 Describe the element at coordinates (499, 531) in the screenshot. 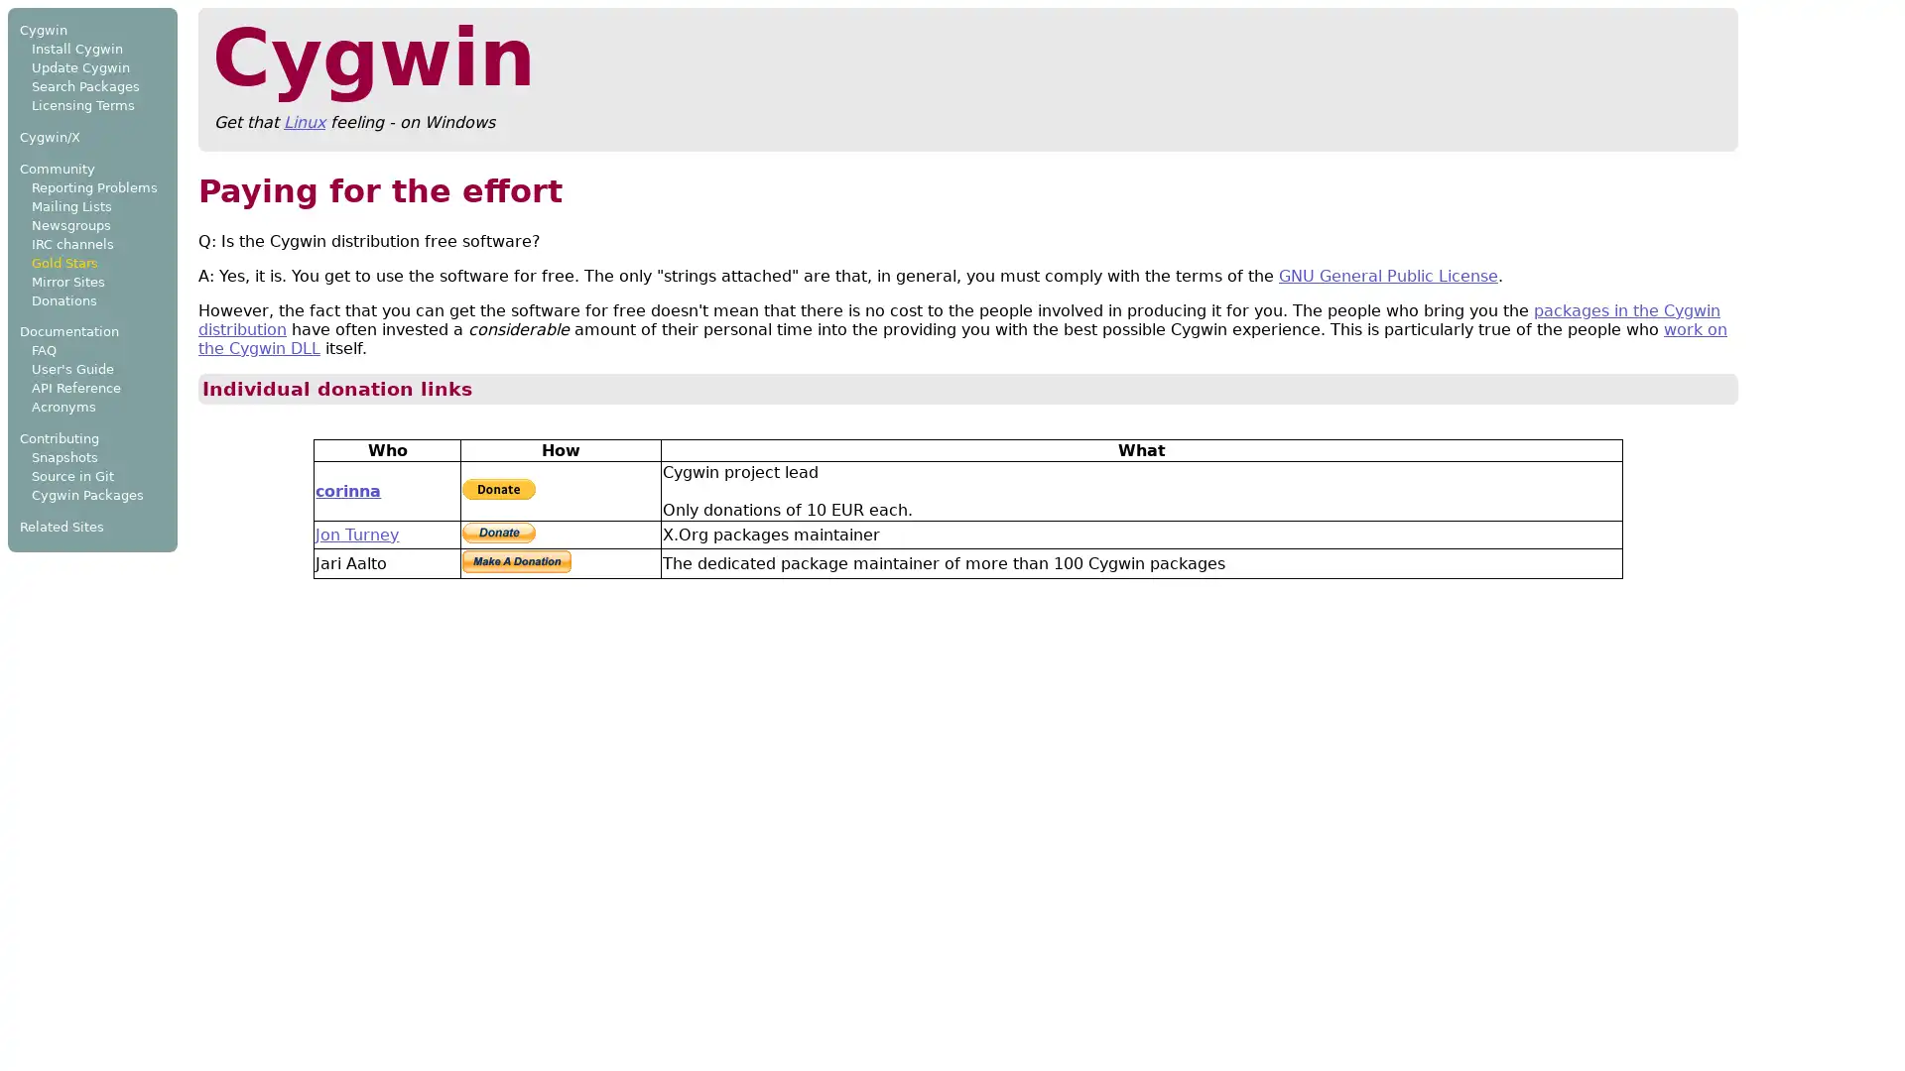

I see `PayPal - The safer, easier way to pay online.` at that location.